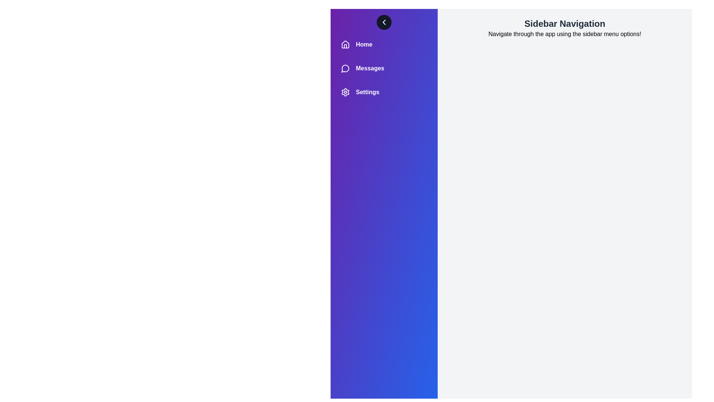  I want to click on the main content area to focus on it, so click(565, 210).